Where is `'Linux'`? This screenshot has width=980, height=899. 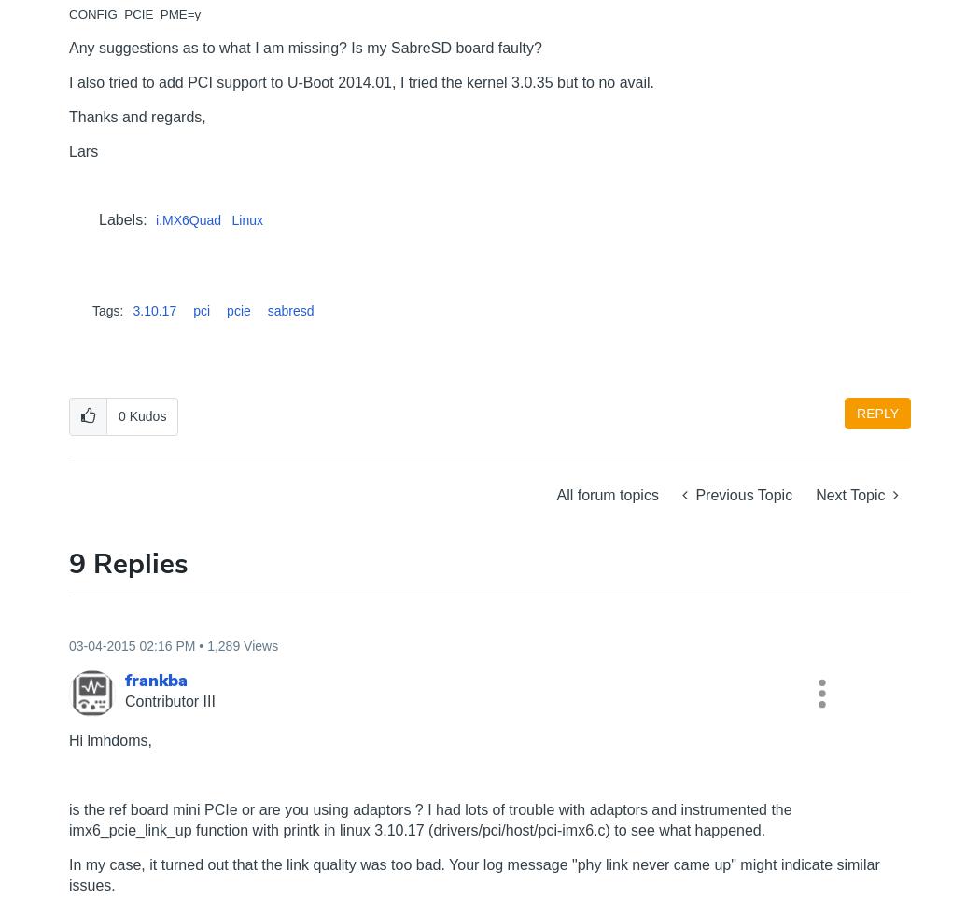 'Linux' is located at coordinates (246, 220).